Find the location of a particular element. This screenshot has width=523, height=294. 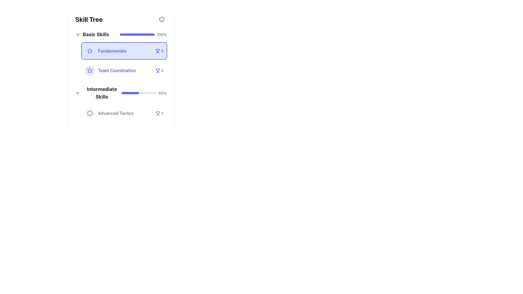

the visual indicator icon associated with the 'Advanced Tactics' entry in the skill tree, located in the middle-left position of the 'Advanced Tactics' row within the 'Intermediate Skills' section is located at coordinates (90, 113).